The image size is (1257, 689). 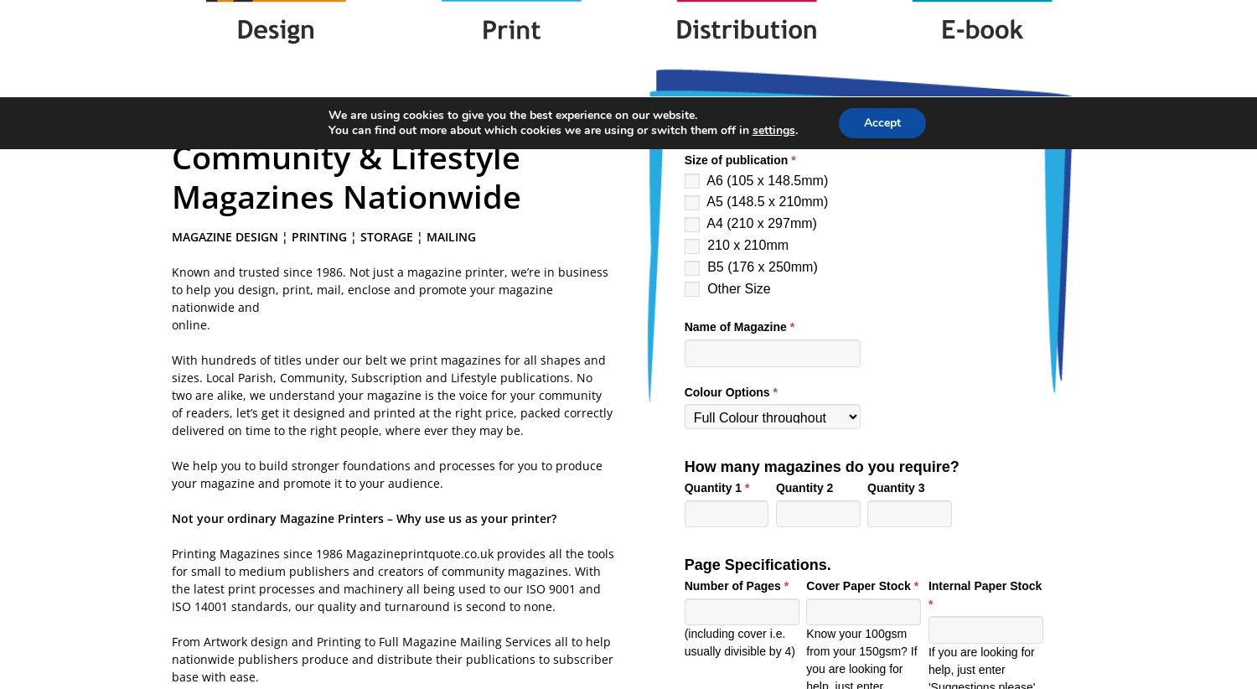 I want to click on 'How many magazines do you require?', so click(x=820, y=466).